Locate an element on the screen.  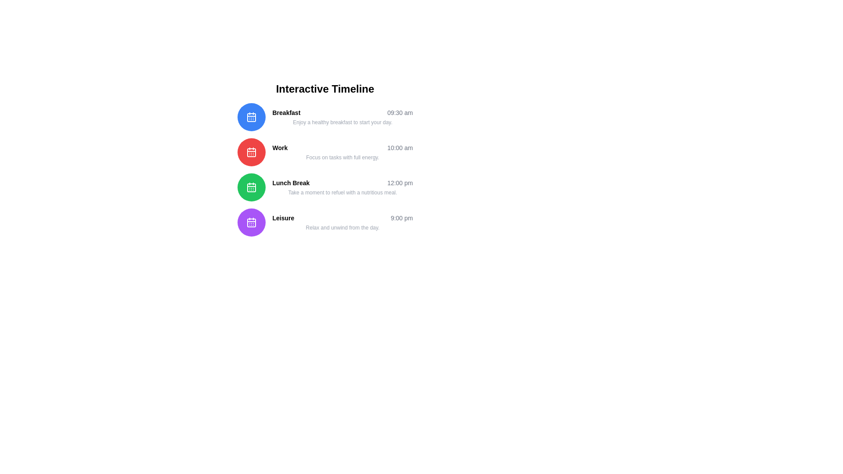
the 'Leisure' activity icon, which is the leftmost component in the timeline's 'Leisure' section is located at coordinates (251, 222).